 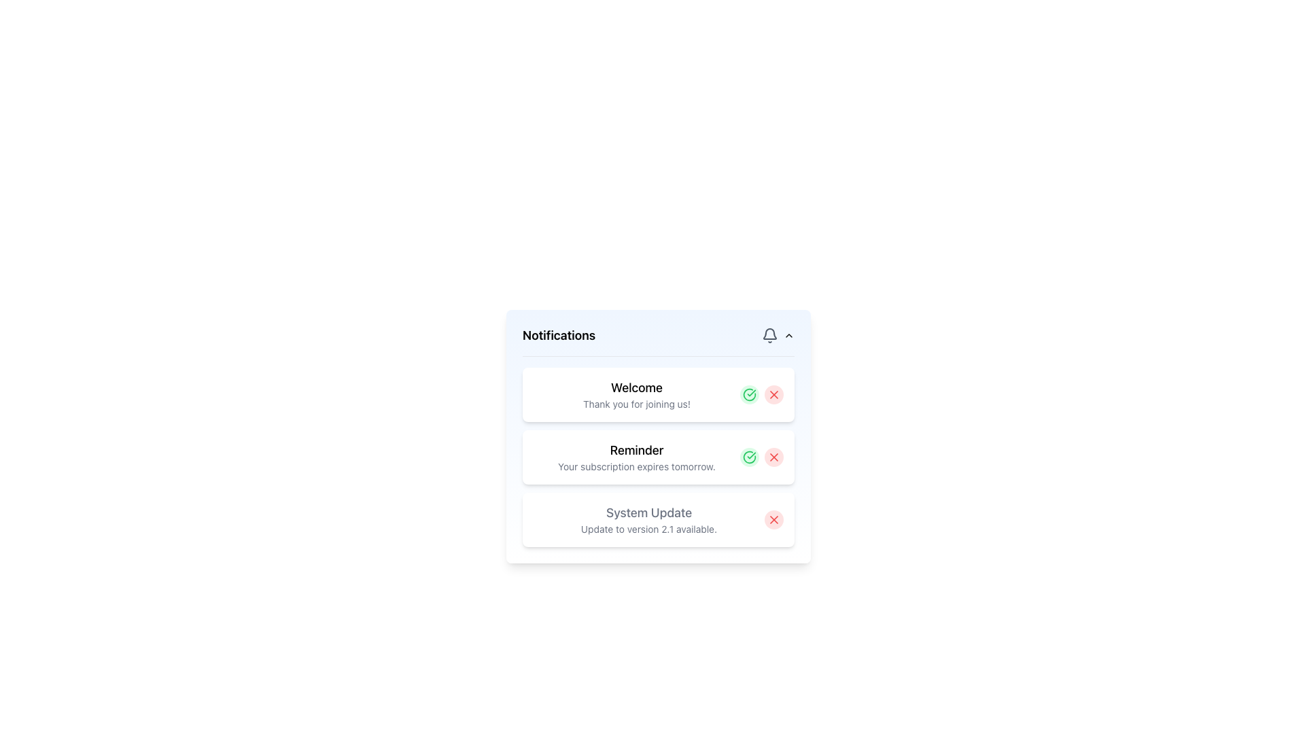 What do you see at coordinates (773, 395) in the screenshot?
I see `the red cross icon button located in the uppermost notification card titled 'Welcome'` at bounding box center [773, 395].